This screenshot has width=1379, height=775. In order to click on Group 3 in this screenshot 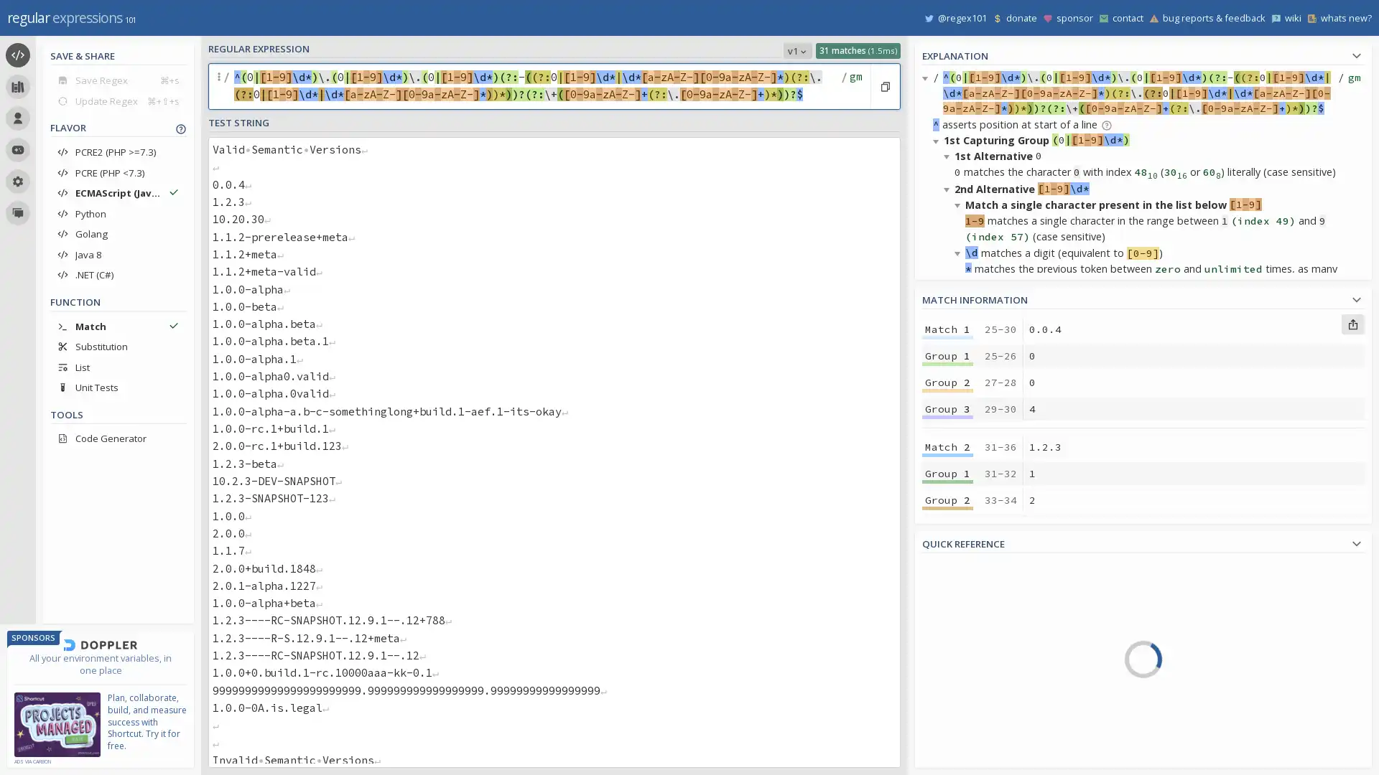, I will do `click(947, 761)`.